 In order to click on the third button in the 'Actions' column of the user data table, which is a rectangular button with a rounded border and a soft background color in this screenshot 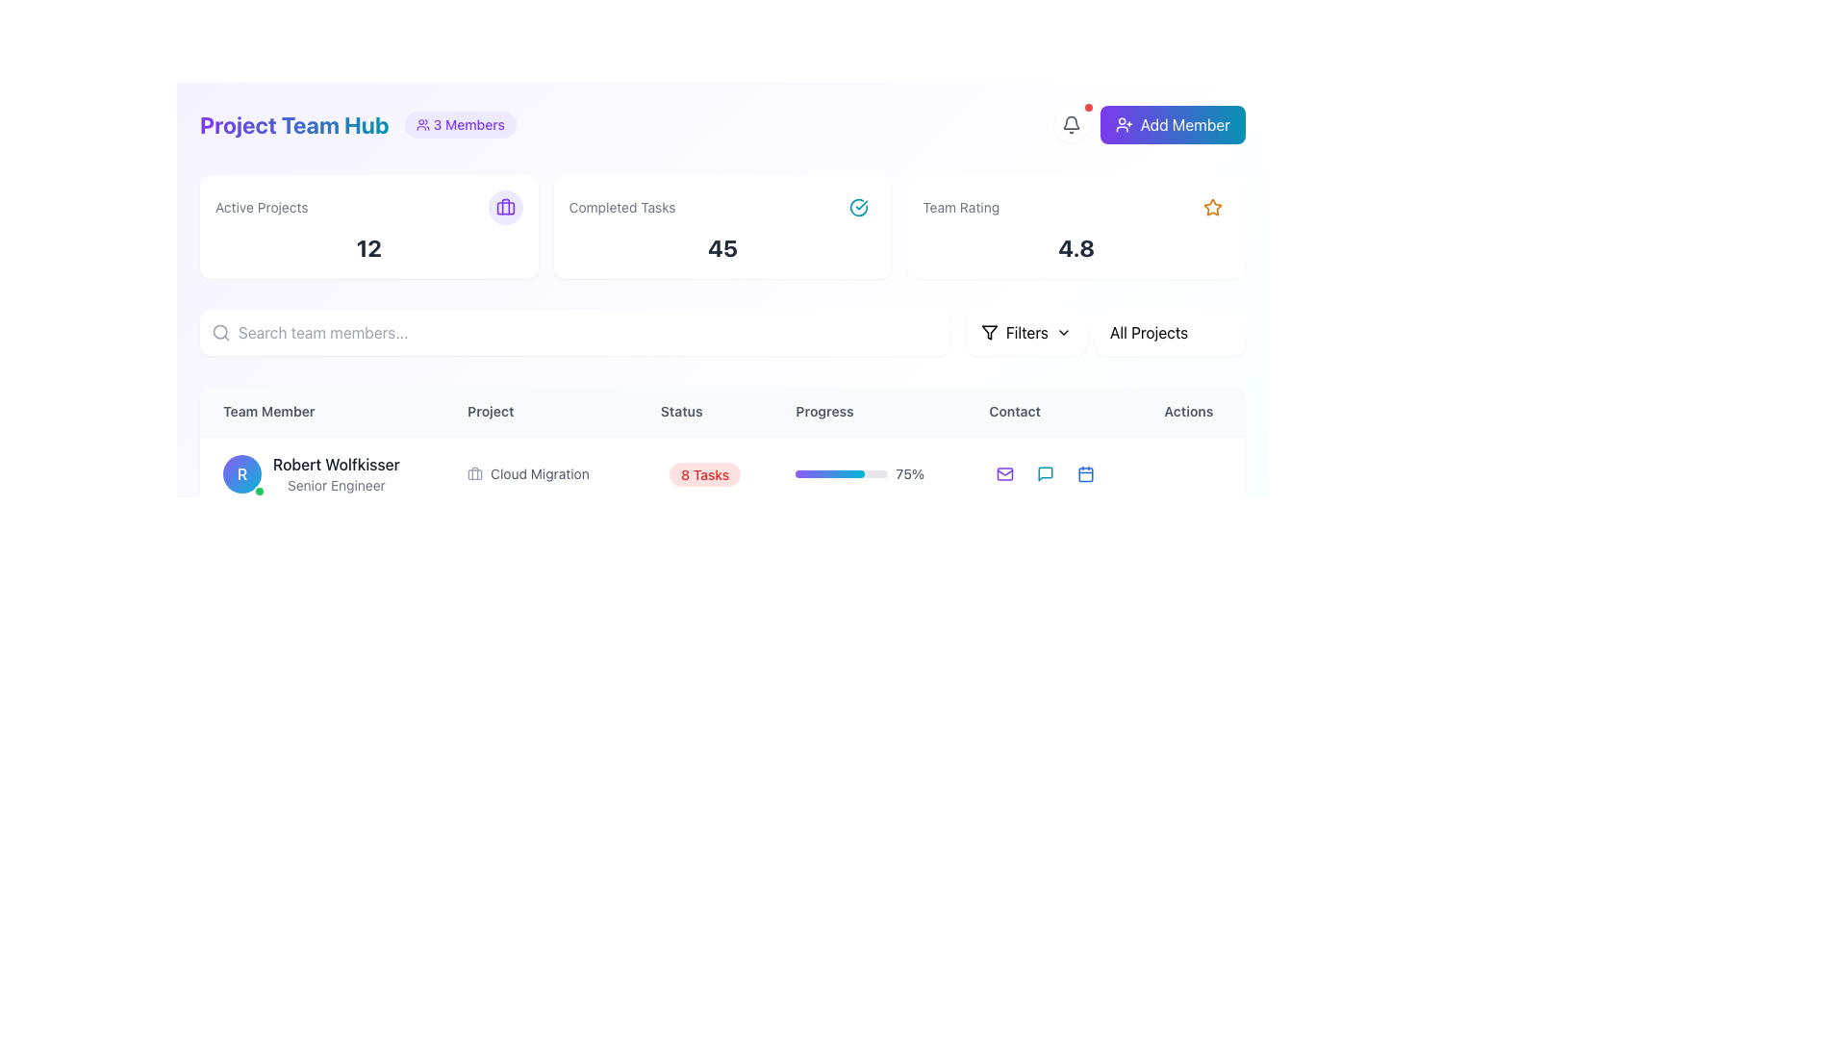, I will do `click(1052, 547)`.